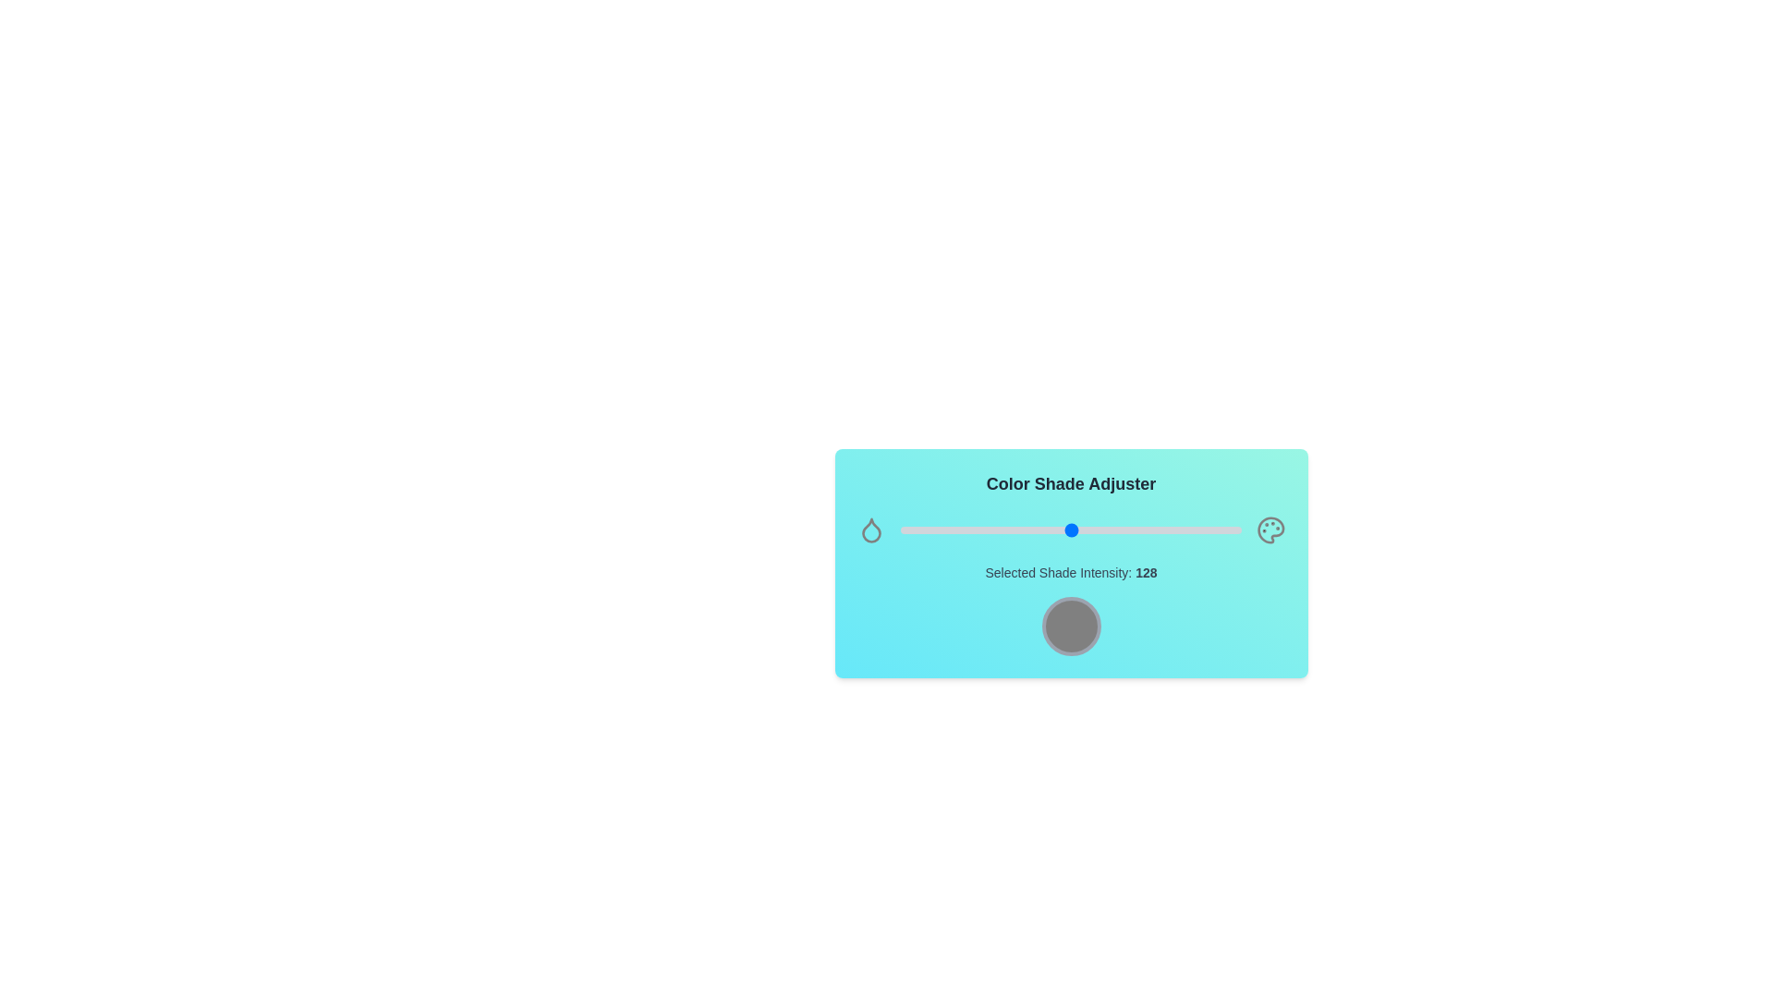 Image resolution: width=1774 pixels, height=998 pixels. Describe the element at coordinates (1202, 530) in the screenshot. I see `the shade intensity to 226 by interacting with the slider` at that location.